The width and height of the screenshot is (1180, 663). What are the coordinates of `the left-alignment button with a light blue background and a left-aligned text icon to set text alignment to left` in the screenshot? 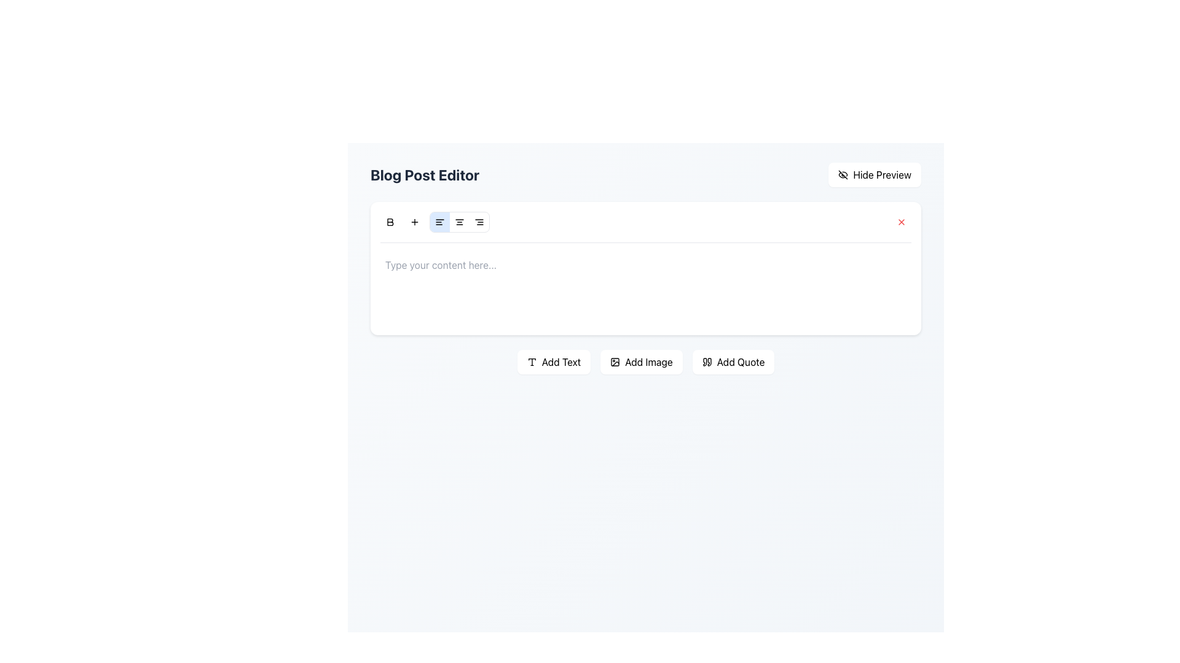 It's located at (439, 222).